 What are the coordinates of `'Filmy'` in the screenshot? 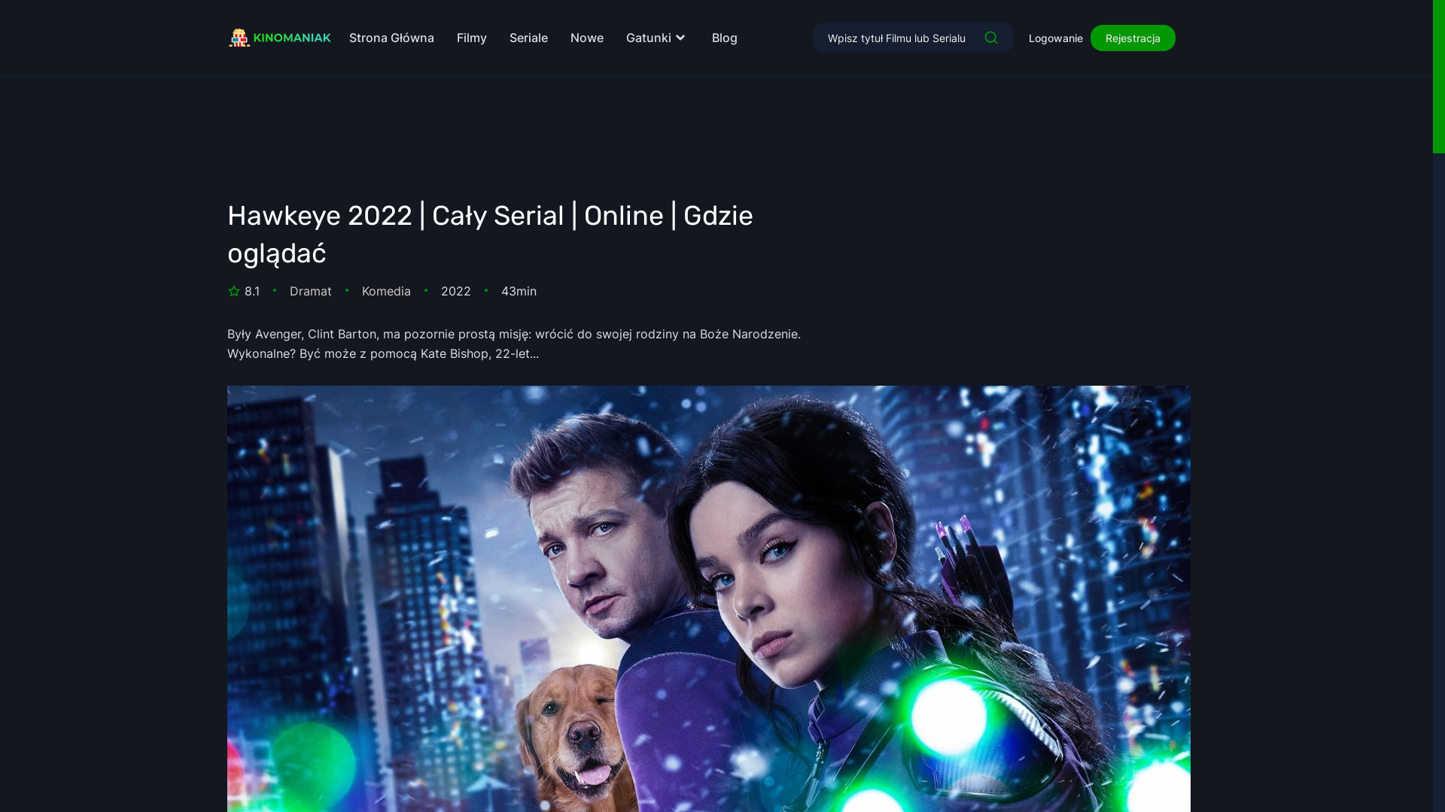 It's located at (471, 37).